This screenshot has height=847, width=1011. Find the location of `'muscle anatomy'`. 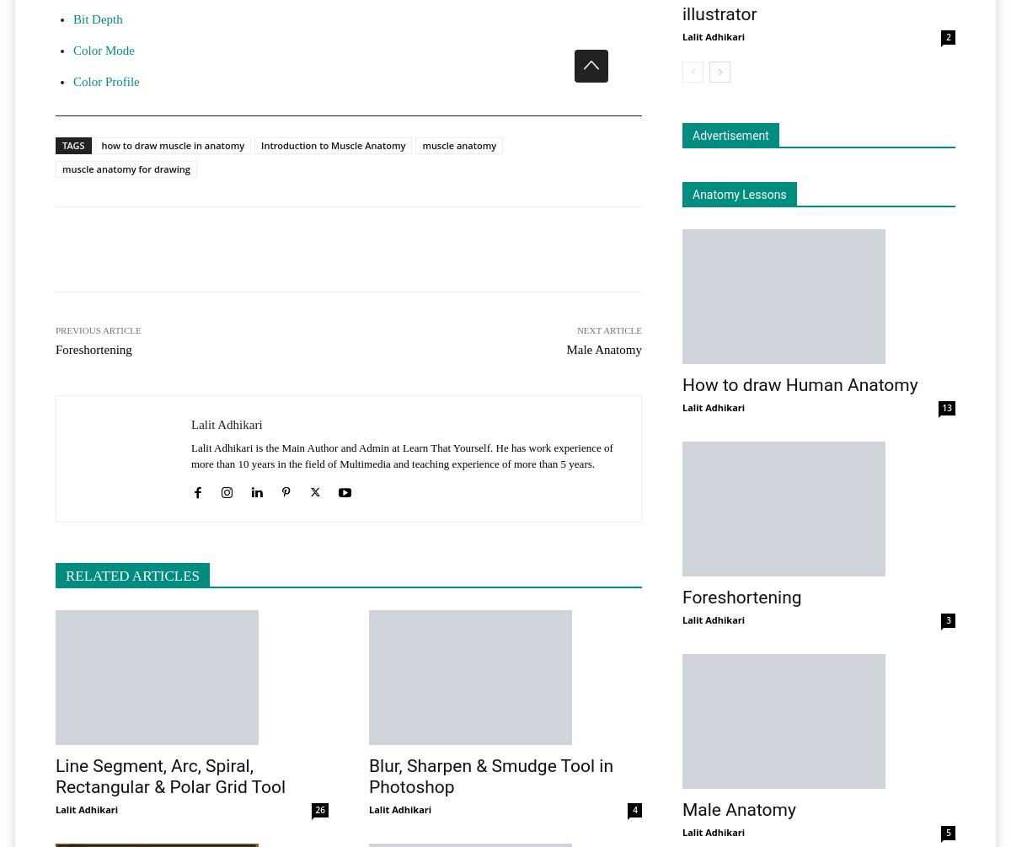

'muscle anatomy' is located at coordinates (458, 144).